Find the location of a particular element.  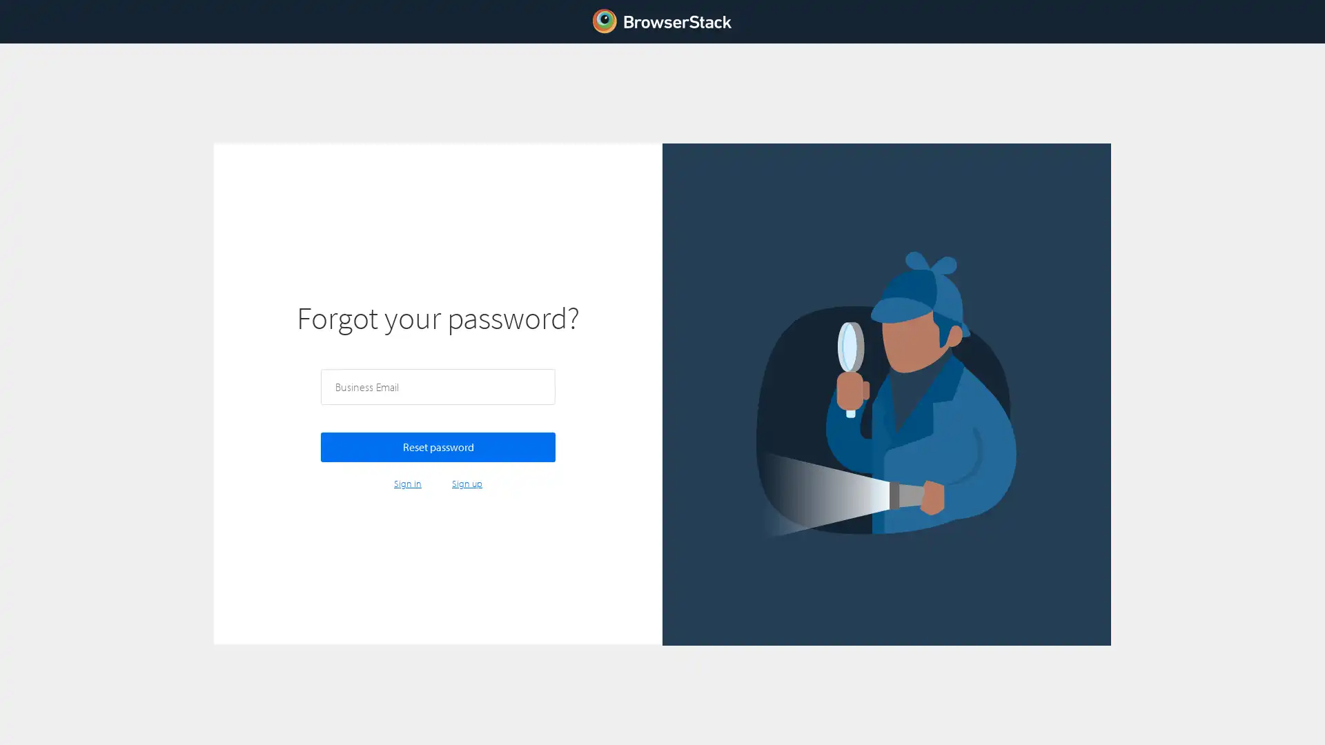

Reset password is located at coordinates (437, 446).